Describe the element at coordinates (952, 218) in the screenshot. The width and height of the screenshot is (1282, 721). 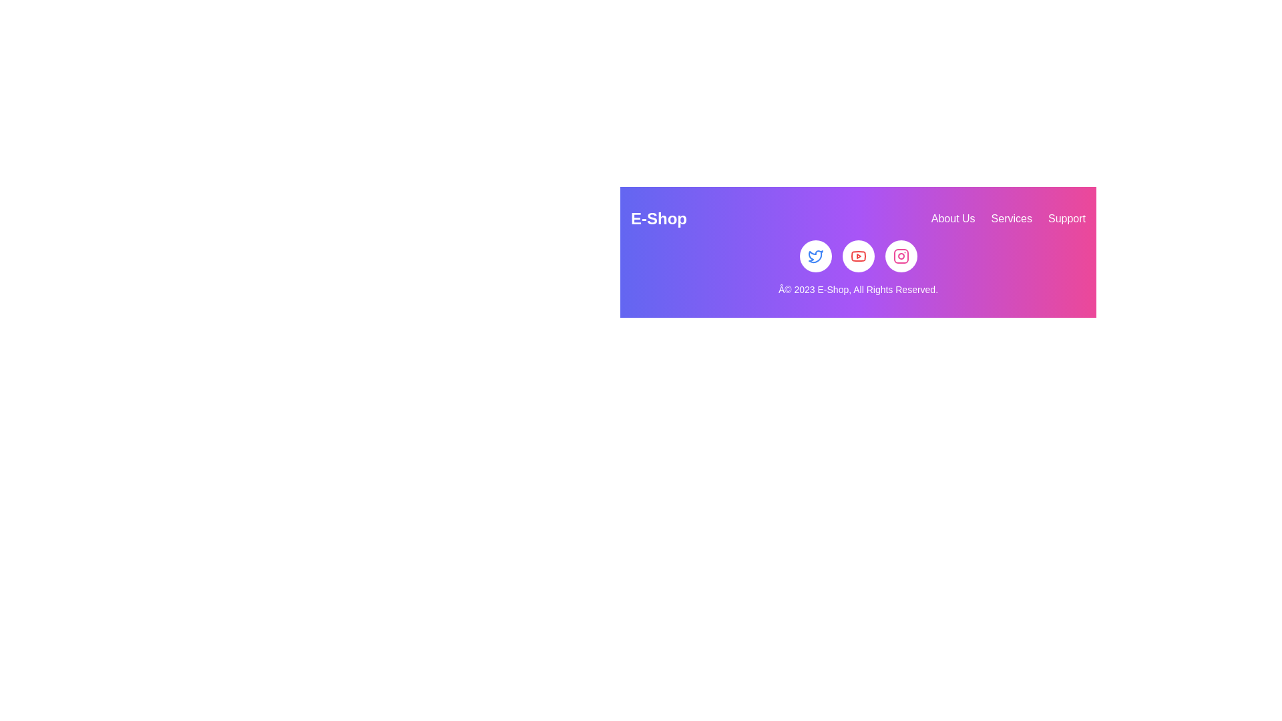
I see `the clickable hyperlink text in the top-right navigation menu` at that location.